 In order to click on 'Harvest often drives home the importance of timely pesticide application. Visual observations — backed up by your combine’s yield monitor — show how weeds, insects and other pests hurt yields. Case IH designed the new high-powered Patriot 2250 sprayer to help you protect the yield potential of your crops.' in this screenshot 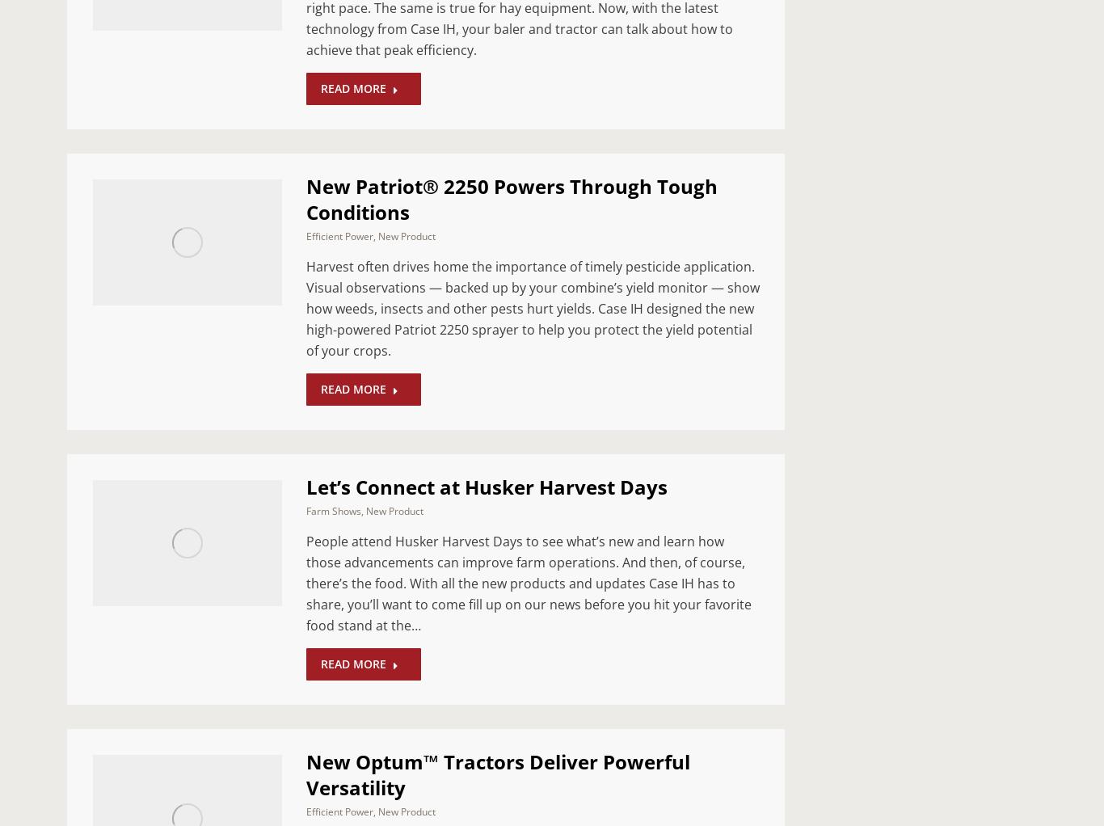, I will do `click(532, 308)`.